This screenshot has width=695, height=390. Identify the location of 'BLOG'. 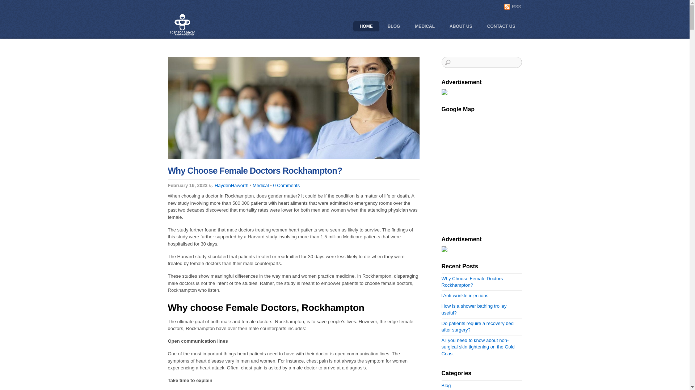
(393, 26).